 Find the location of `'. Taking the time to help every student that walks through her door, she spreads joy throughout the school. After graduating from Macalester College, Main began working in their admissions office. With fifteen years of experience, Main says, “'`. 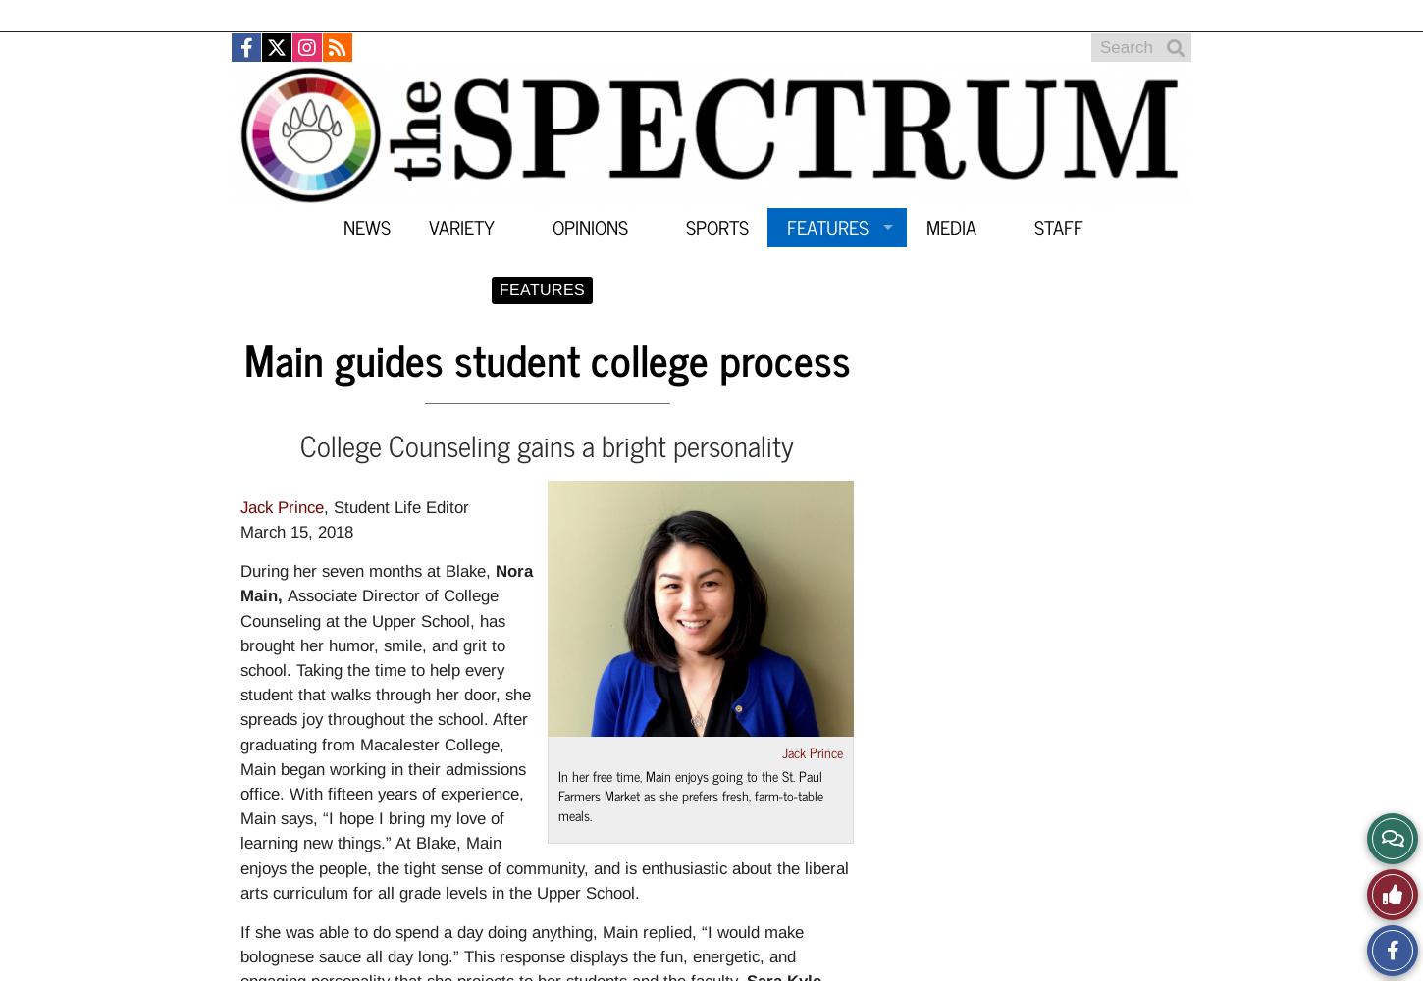

'. Taking the time to help every student that walks through her door, she spreads joy throughout the school. After graduating from Macalester College, Main began working in their admissions office. With fifteen years of experience, Main says, “' is located at coordinates (384, 745).